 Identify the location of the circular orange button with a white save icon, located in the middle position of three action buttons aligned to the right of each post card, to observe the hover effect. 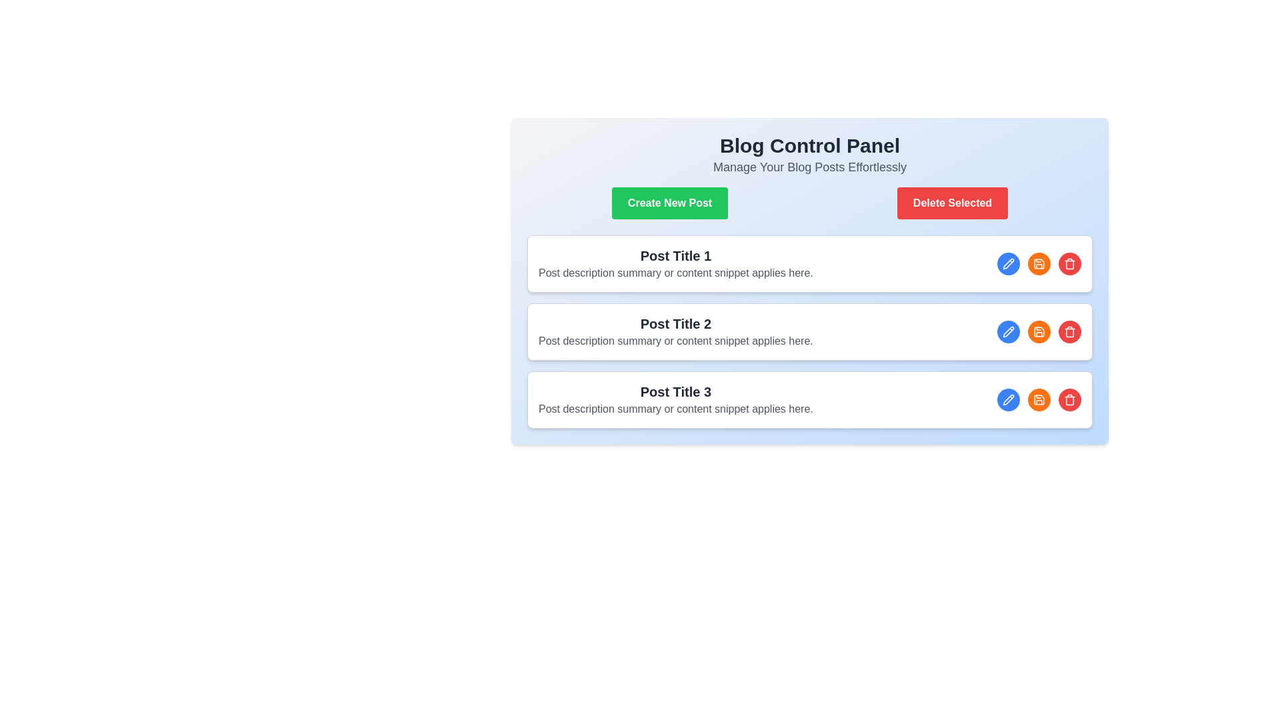
(1039, 264).